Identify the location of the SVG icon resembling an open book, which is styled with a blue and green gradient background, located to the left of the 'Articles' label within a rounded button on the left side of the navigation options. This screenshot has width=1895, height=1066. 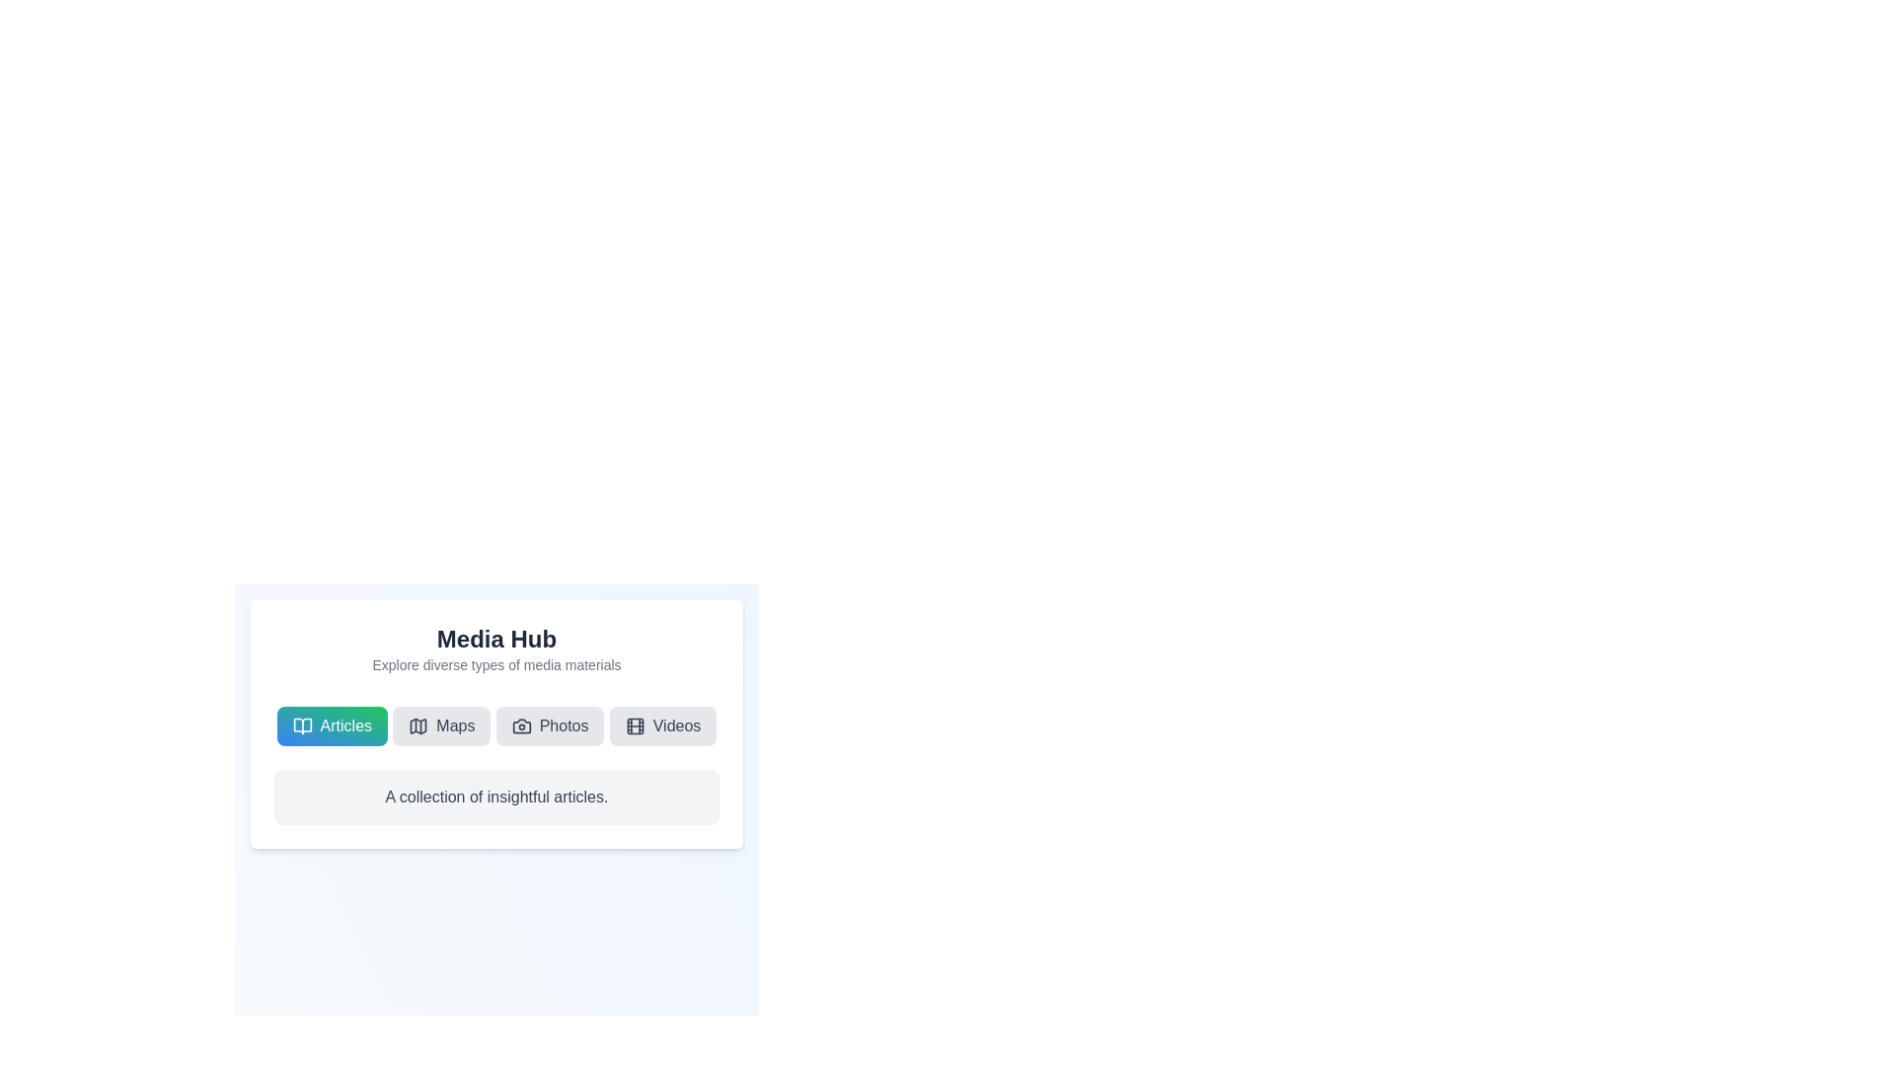
(301, 726).